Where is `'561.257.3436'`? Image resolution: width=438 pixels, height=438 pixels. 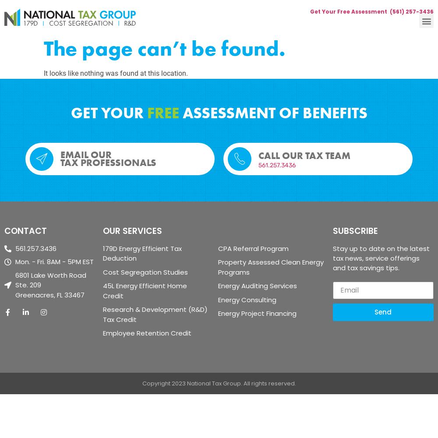 '561.257.3436' is located at coordinates (35, 247).